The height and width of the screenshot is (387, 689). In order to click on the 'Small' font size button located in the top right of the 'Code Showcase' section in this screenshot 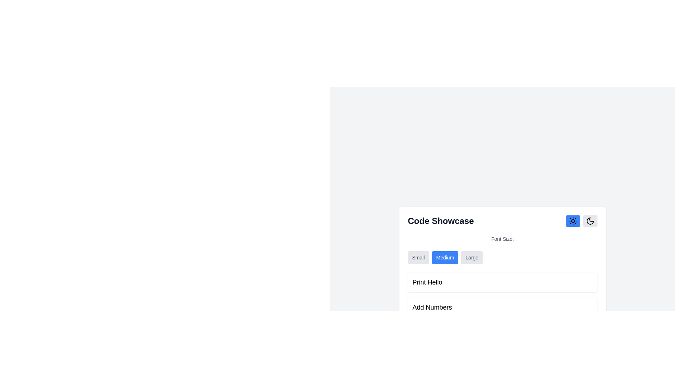, I will do `click(418, 257)`.